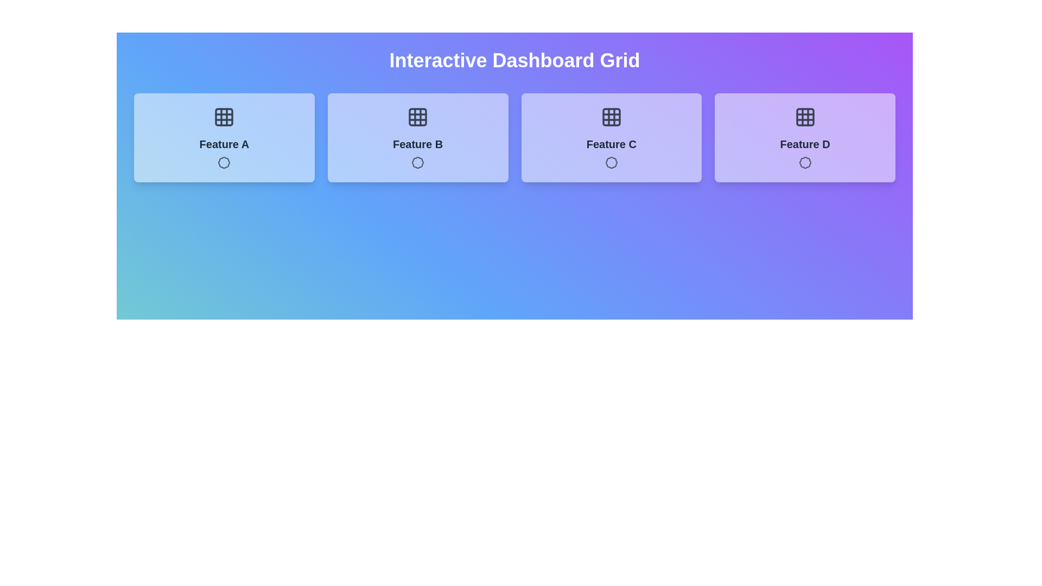 Image resolution: width=1042 pixels, height=586 pixels. I want to click on the decorative circular indicator below the grid icon and text 'Feature D' in the interface card labeled 'Feature D', so click(805, 163).